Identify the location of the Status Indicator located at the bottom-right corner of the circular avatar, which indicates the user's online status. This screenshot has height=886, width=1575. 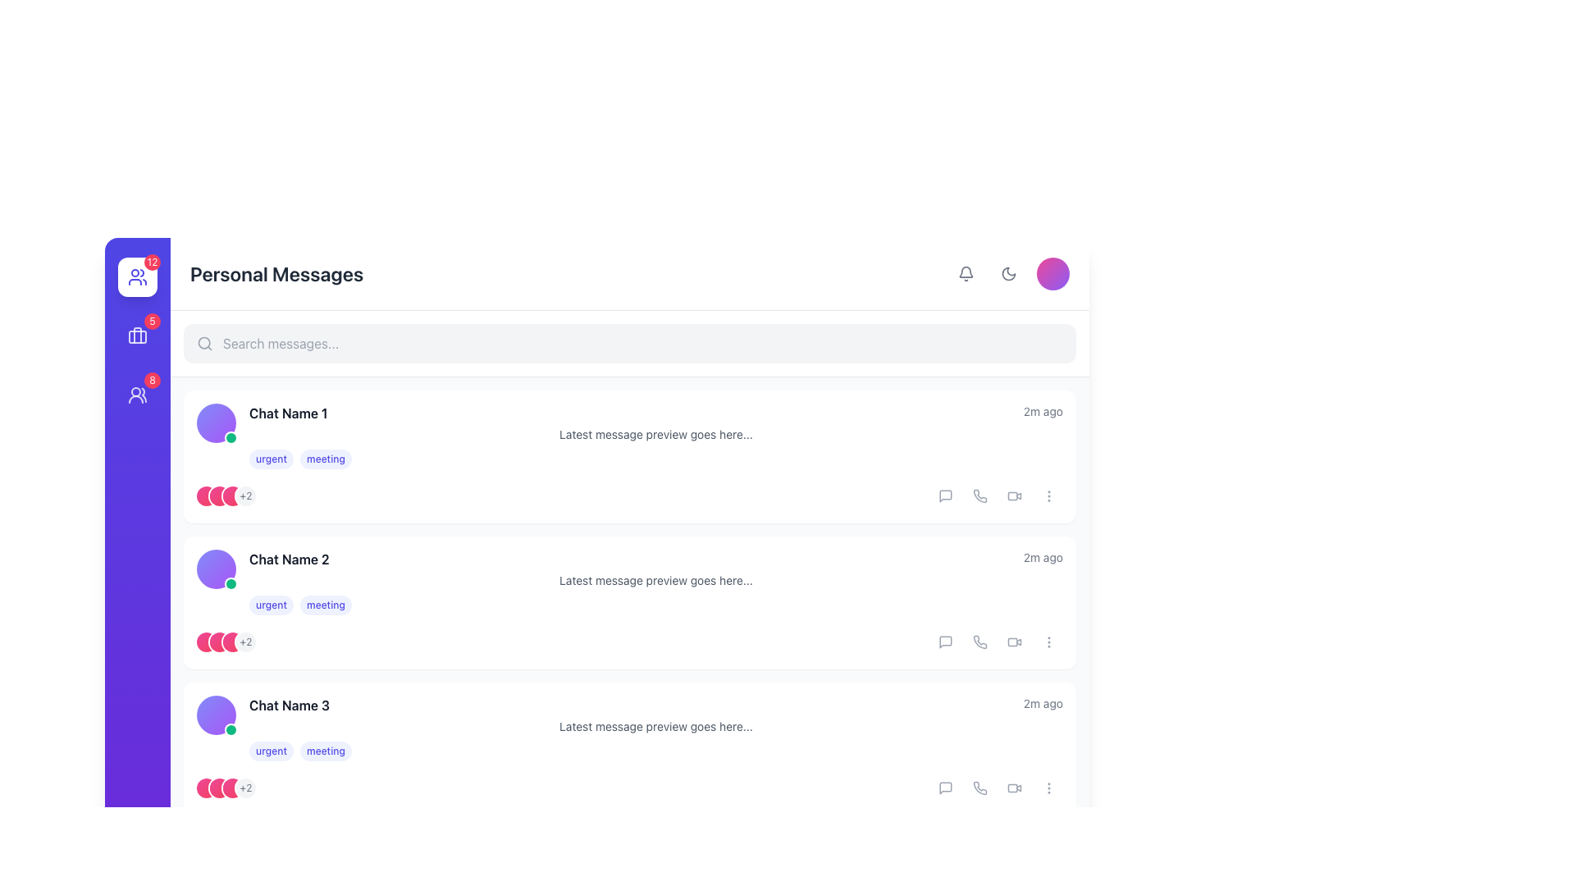
(231, 875).